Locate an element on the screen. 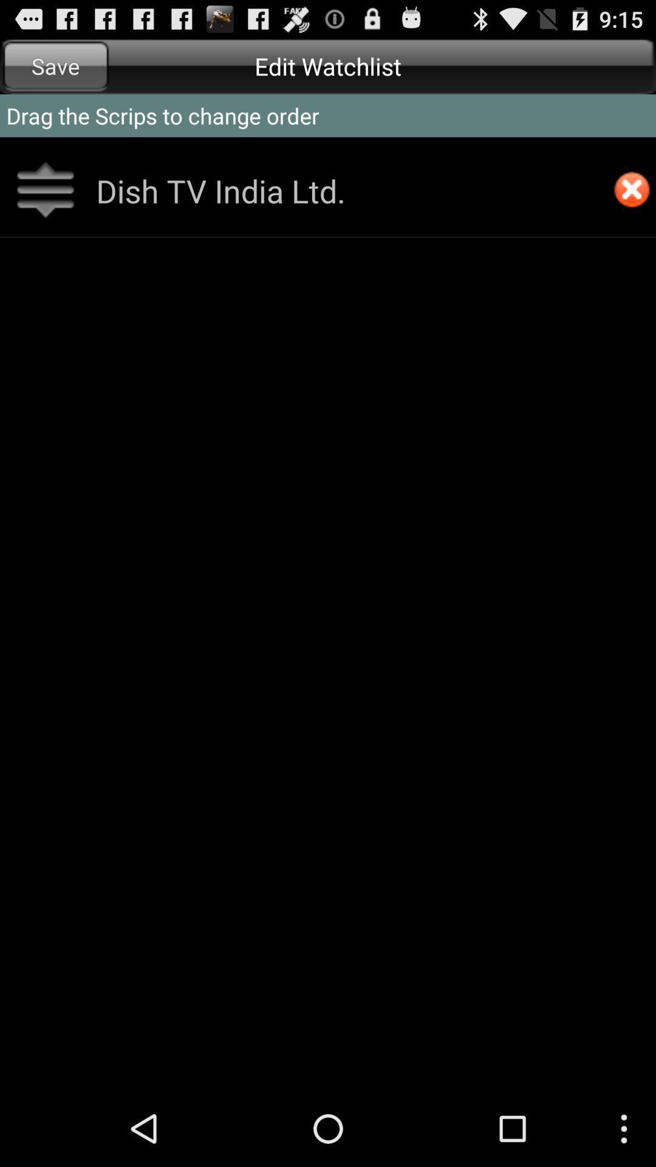 This screenshot has height=1167, width=656. item below drag the scrips app is located at coordinates (631, 190).